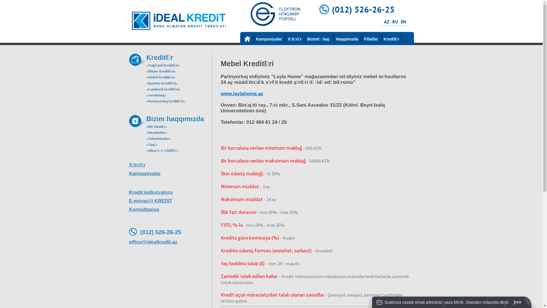 The image size is (547, 308). What do you see at coordinates (403, 21) in the screenshot?
I see `'EN'` at bounding box center [403, 21].